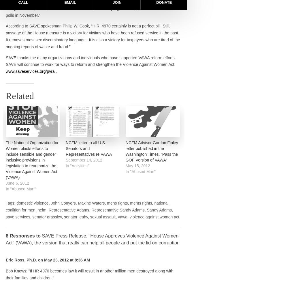 The height and width of the screenshot is (284, 294). Describe the element at coordinates (118, 210) in the screenshot. I see `'Representative Sandy Adams'` at that location.